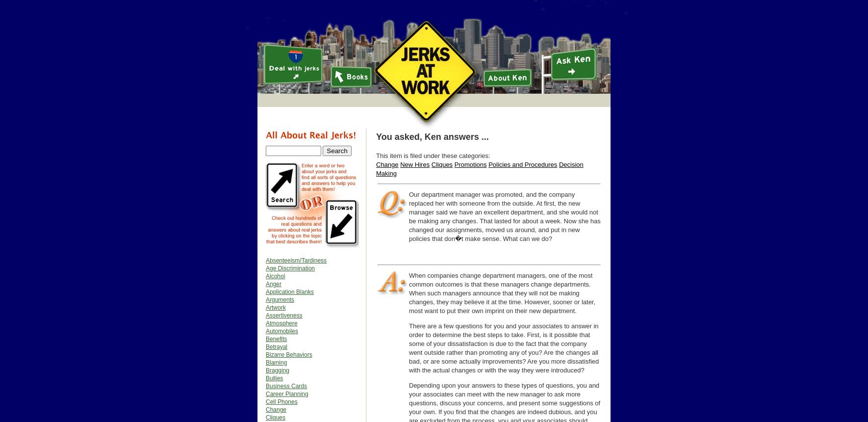 The height and width of the screenshot is (422, 868). Describe the element at coordinates (479, 169) in the screenshot. I see `'Decision Making'` at that location.